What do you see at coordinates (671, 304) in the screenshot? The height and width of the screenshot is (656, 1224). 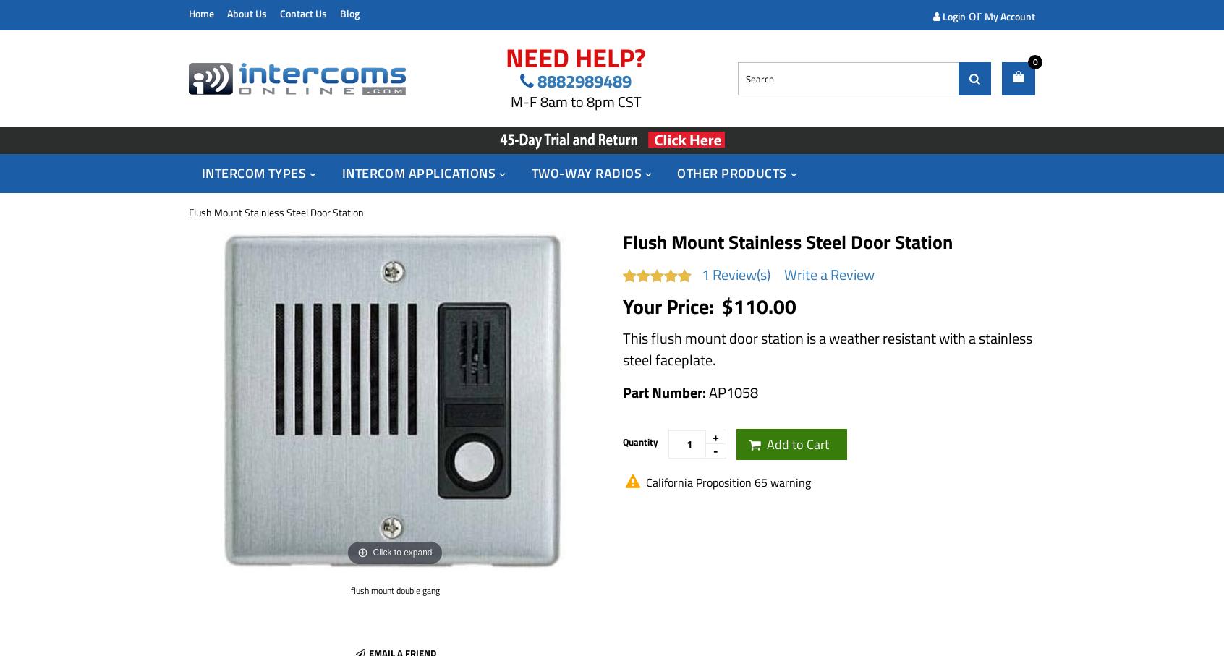 I see `'Your Price:'` at bounding box center [671, 304].